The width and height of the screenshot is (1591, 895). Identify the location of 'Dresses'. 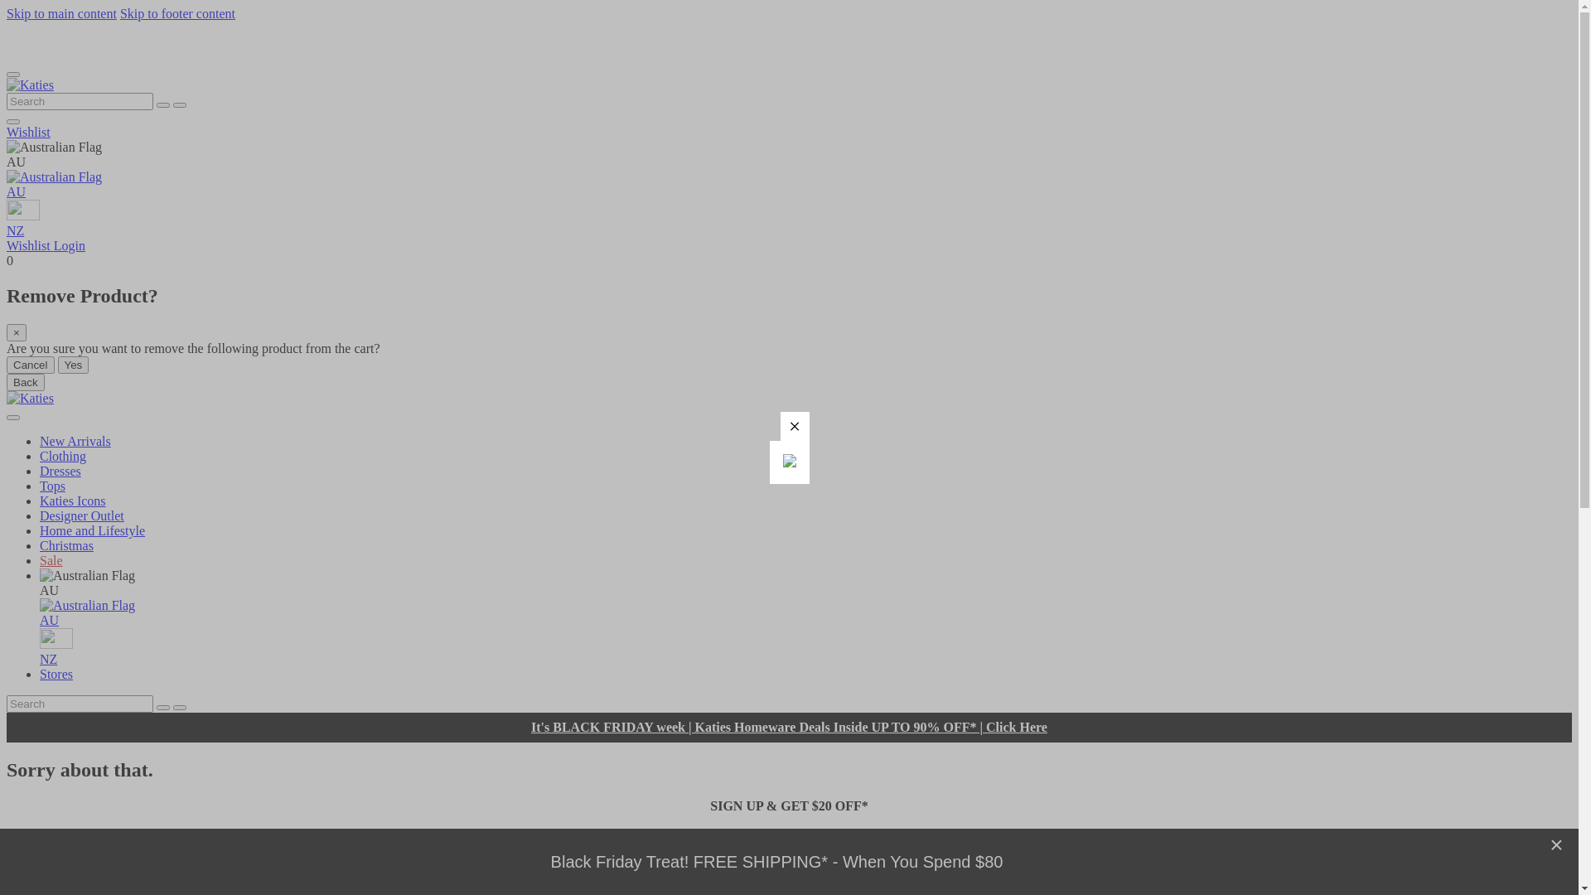
(60, 471).